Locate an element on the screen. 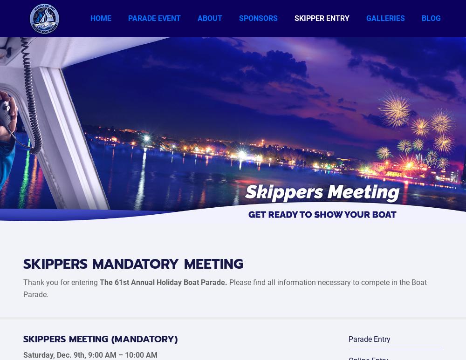 This screenshot has width=466, height=360. 'Winners' is located at coordinates (378, 46).